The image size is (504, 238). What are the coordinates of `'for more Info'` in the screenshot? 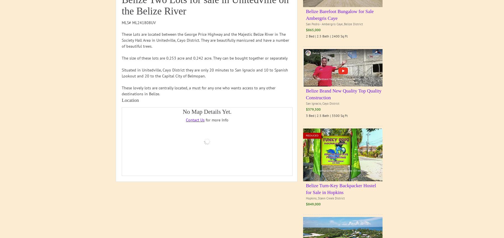 It's located at (216, 120).